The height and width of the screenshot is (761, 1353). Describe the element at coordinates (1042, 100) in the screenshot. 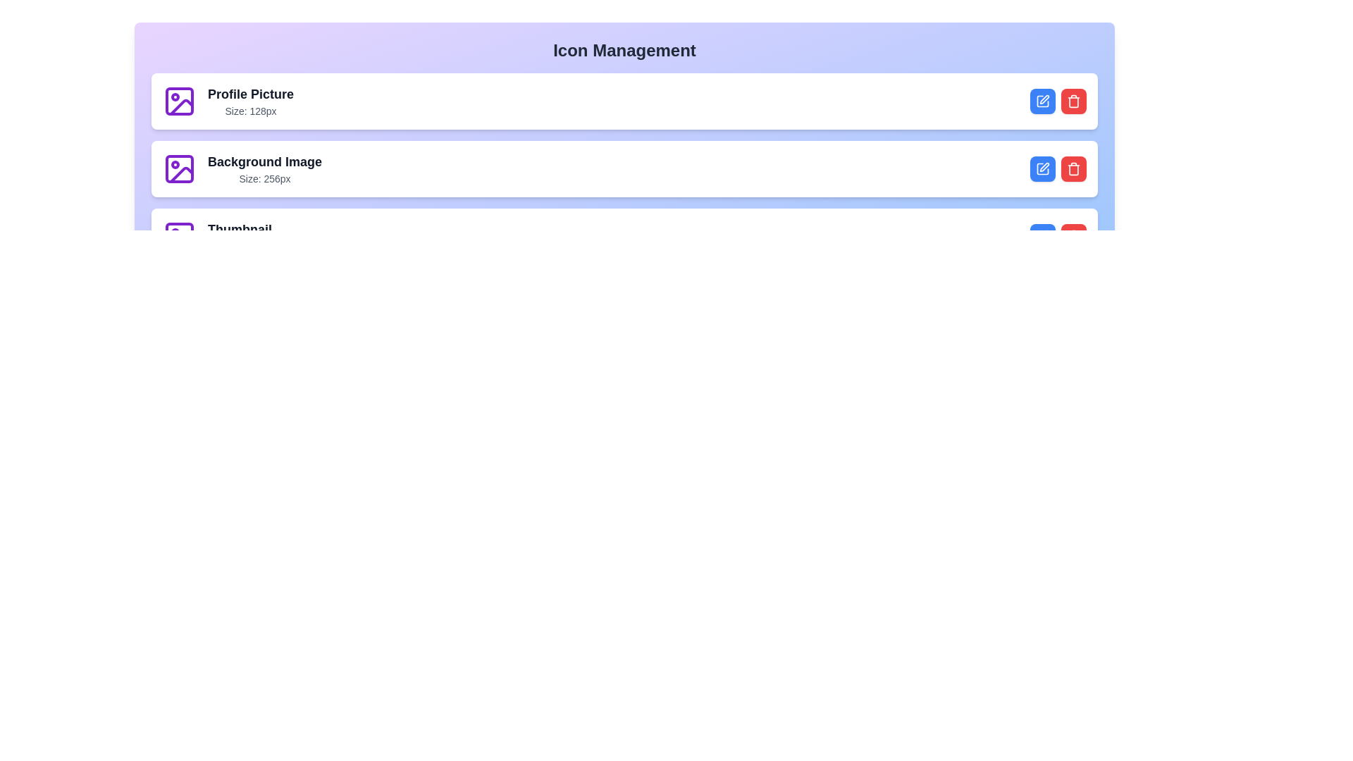

I see `the edit button with a blue background and white text` at that location.